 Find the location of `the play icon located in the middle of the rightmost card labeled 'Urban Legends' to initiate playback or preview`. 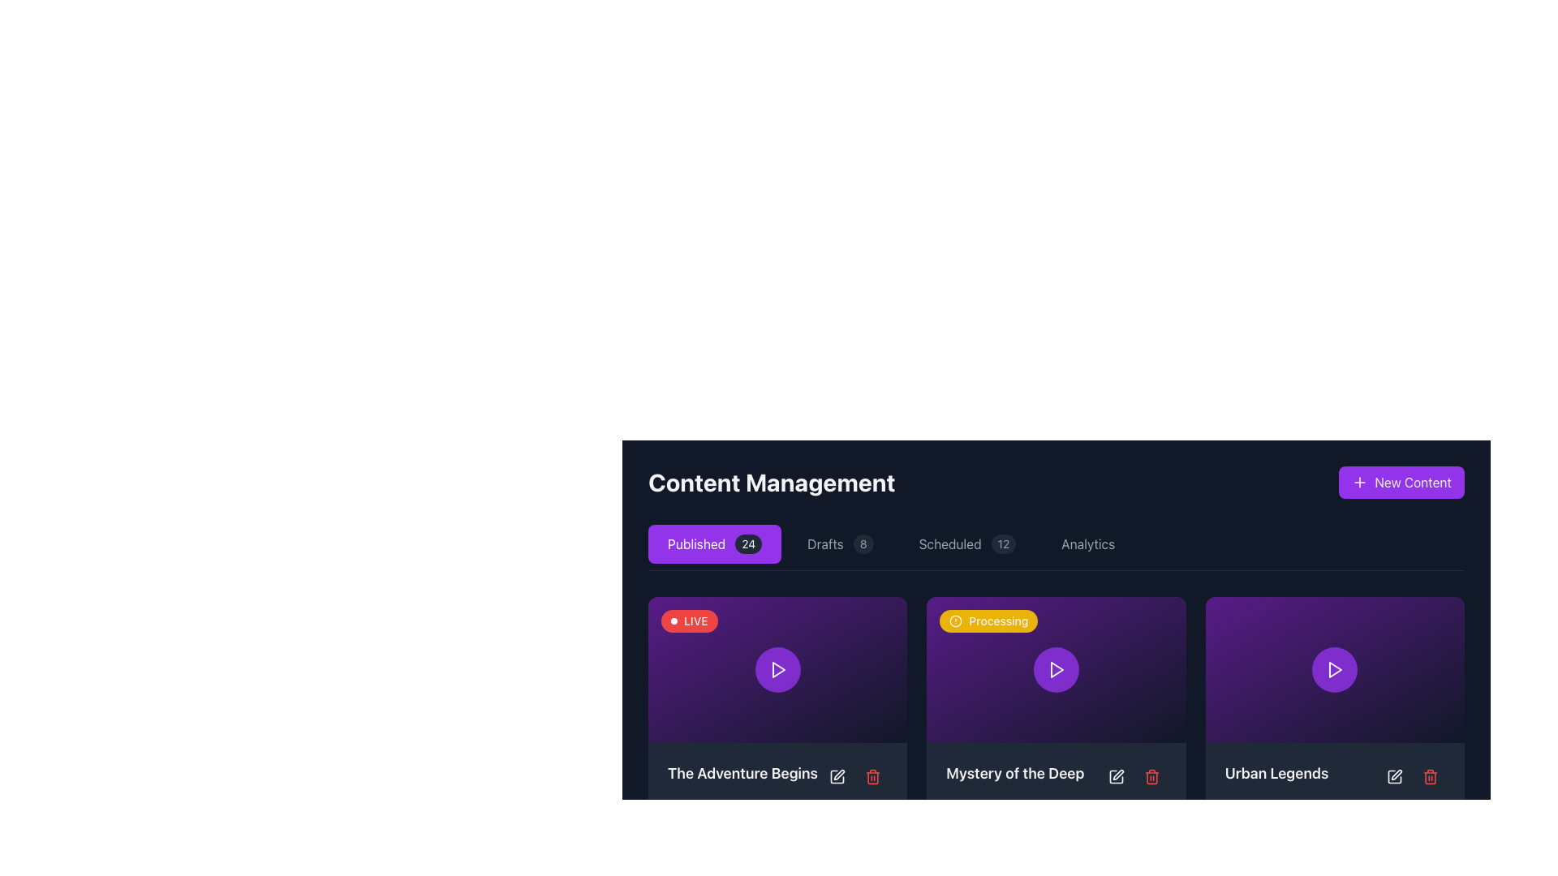

the play icon located in the middle of the rightmost card labeled 'Urban Legends' to initiate playback or preview is located at coordinates (1336, 669).